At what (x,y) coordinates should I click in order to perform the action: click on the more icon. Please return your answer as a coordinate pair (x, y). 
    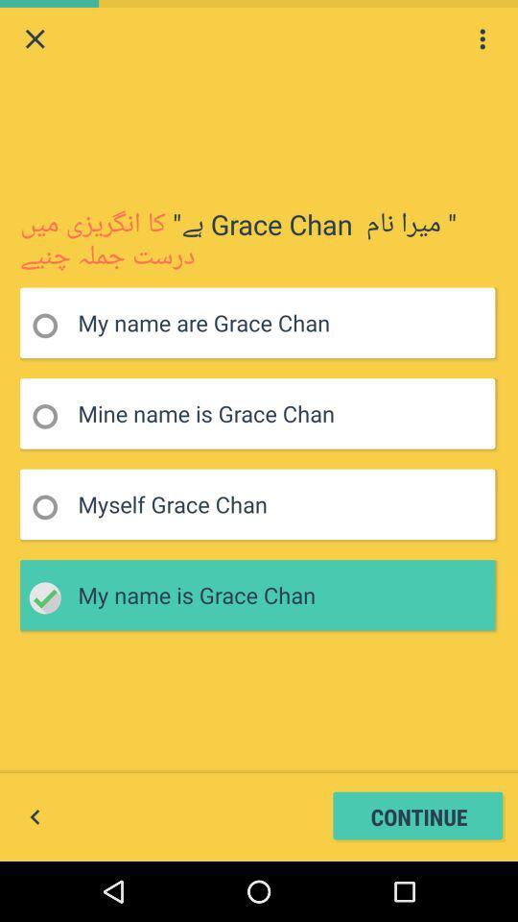
    Looking at the image, I should click on (482, 40).